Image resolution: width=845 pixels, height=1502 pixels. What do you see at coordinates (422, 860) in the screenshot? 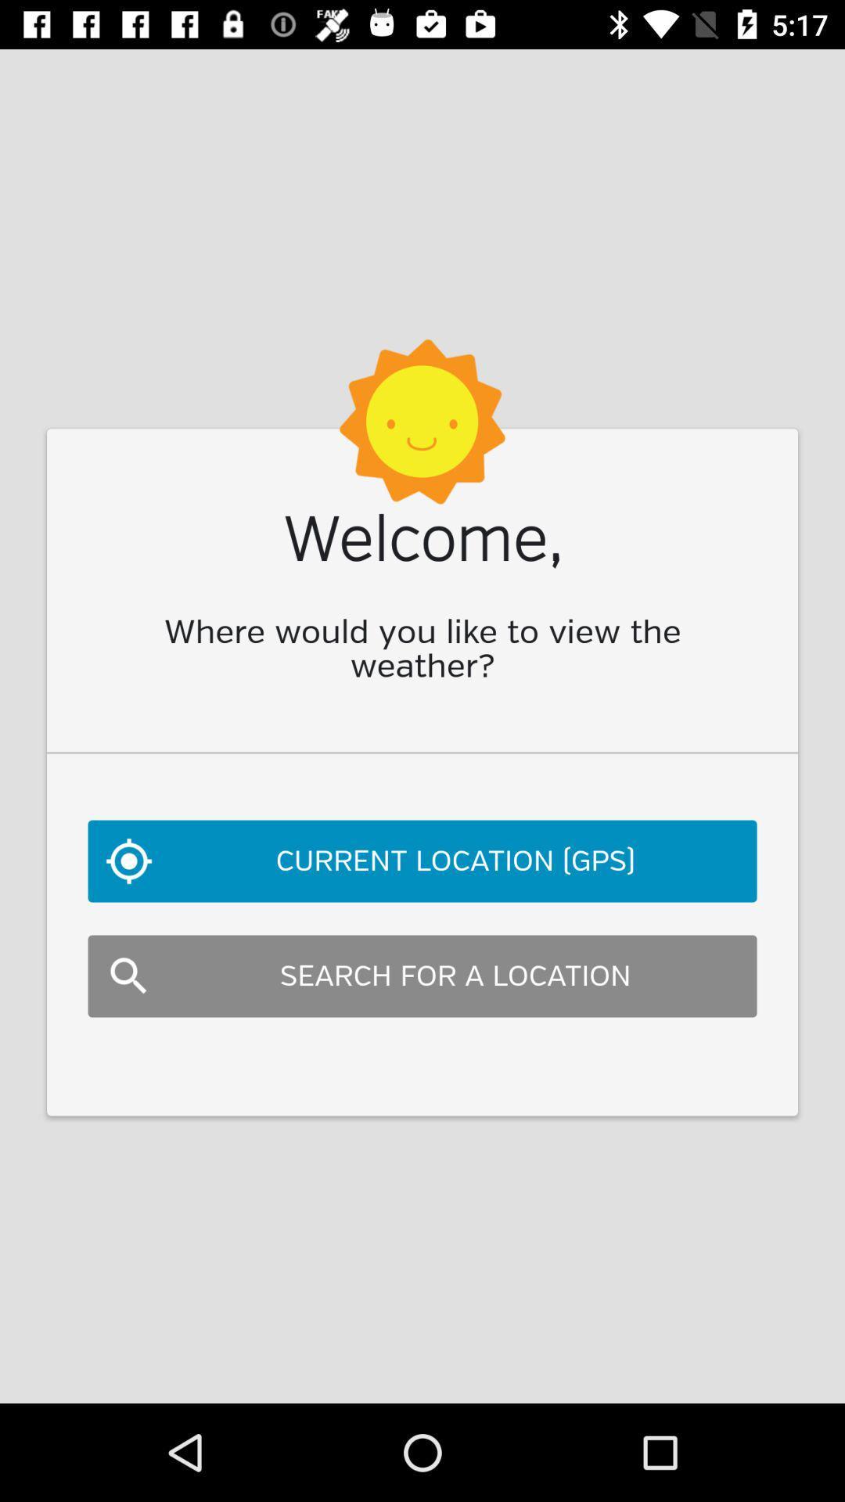
I see `the item above search for a` at bounding box center [422, 860].